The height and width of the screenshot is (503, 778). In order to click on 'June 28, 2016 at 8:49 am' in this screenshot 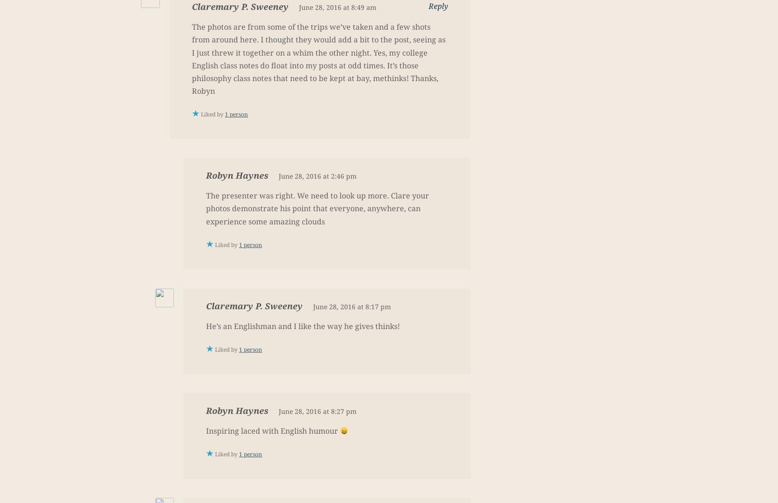, I will do `click(337, 7)`.